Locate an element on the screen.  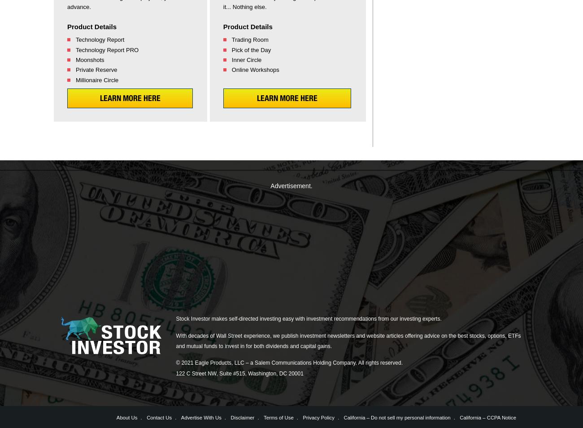
'Terms of Use' is located at coordinates (278, 418).